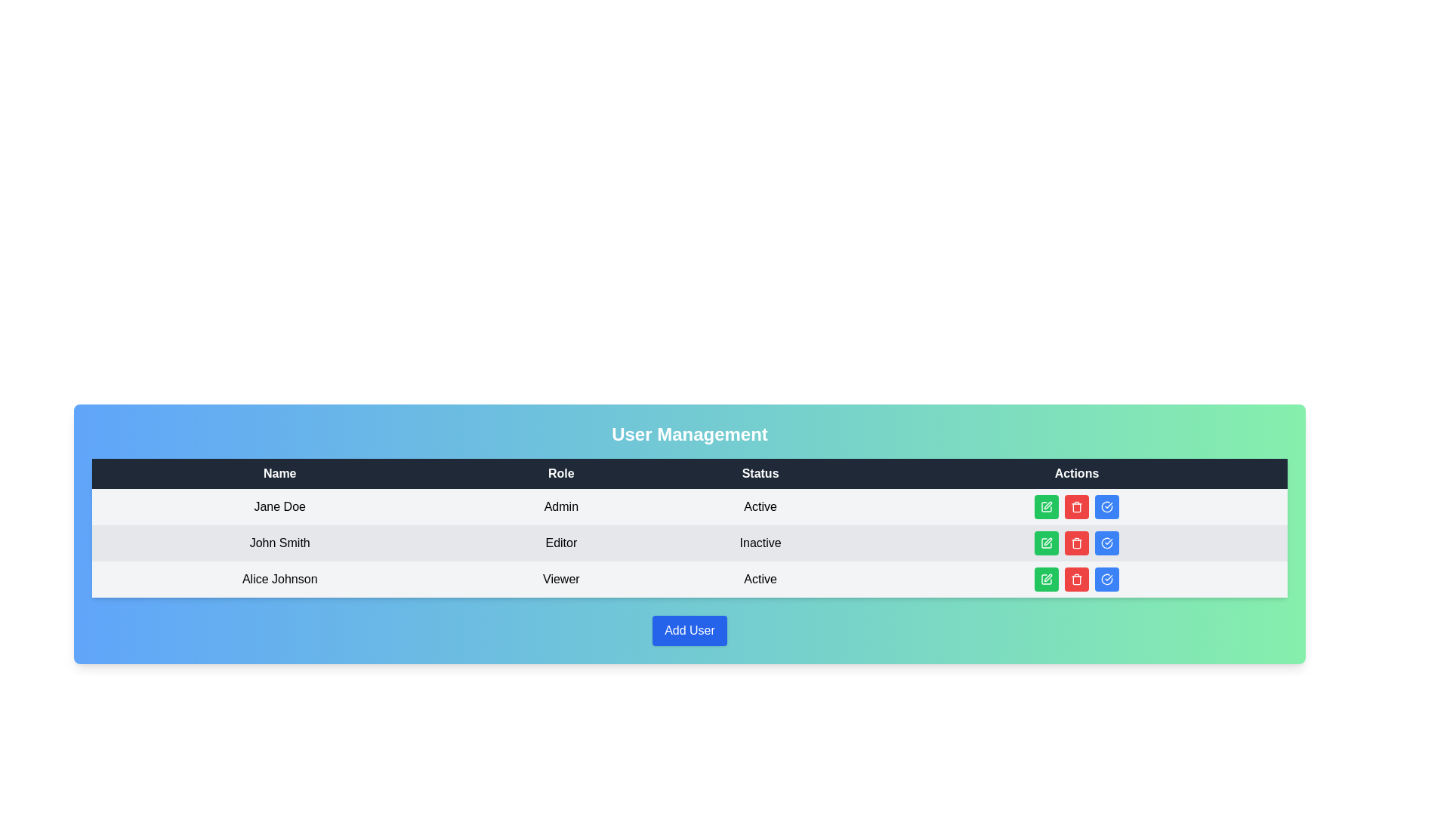  Describe the element at coordinates (1046, 506) in the screenshot. I see `the green action button with a pencil icon in the 'Actions' column for 'Jane Doe'` at that location.